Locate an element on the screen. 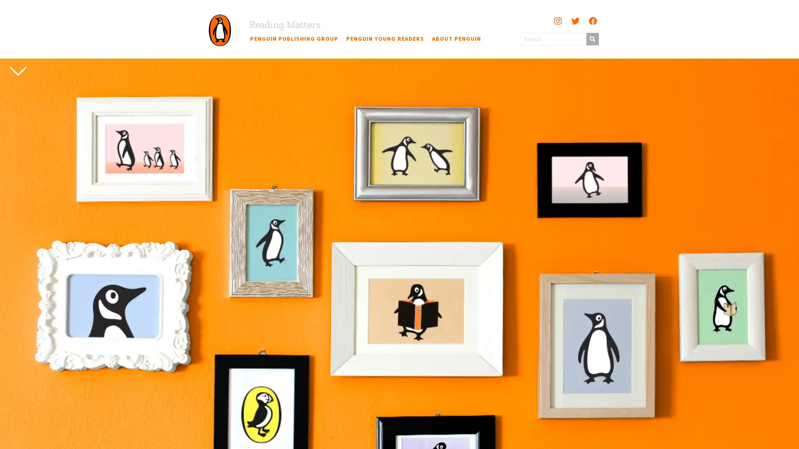  Facebook is located at coordinates (592, 20).